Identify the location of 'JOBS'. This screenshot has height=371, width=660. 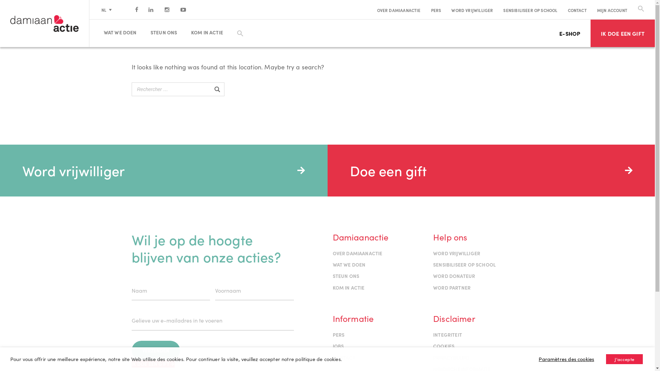
(338, 346).